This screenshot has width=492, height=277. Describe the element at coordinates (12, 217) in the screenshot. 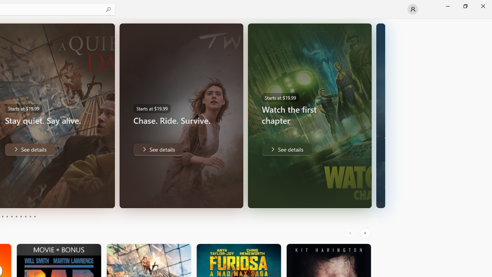

I see `'Page 5'` at that location.